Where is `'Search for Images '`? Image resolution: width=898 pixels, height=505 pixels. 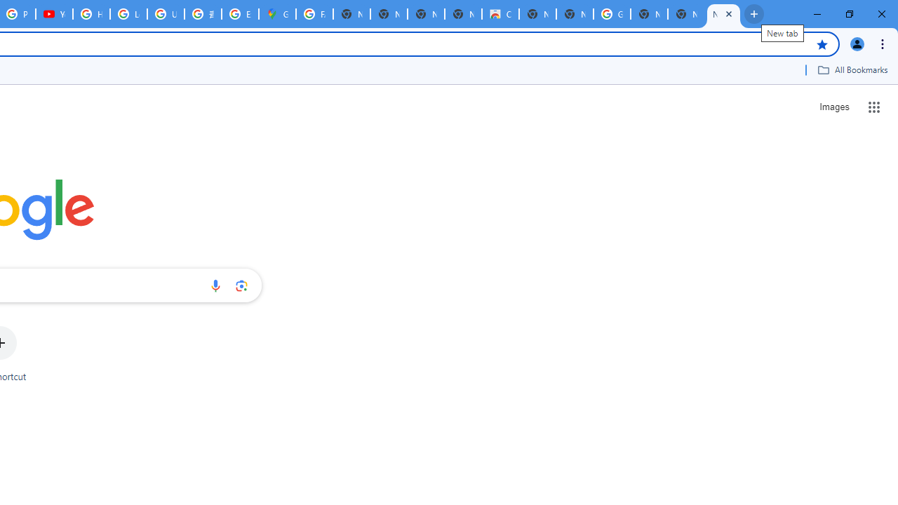
'Search for Images ' is located at coordinates (834, 107).